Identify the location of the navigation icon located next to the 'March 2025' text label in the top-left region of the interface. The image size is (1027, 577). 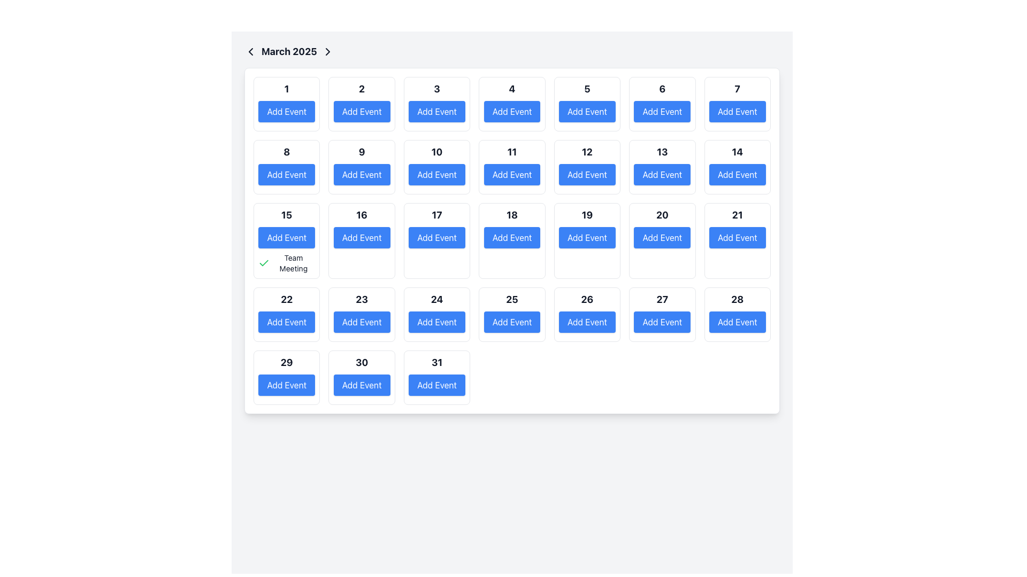
(327, 51).